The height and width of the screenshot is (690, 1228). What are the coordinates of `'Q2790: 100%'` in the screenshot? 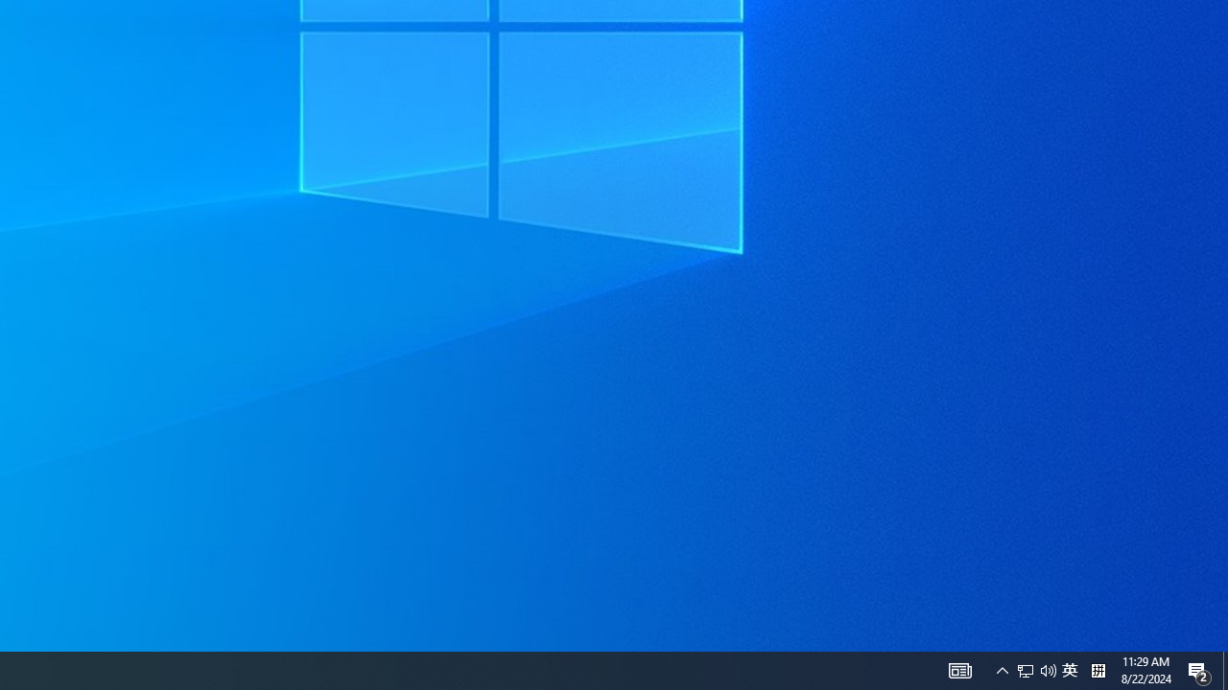 It's located at (1048, 669).